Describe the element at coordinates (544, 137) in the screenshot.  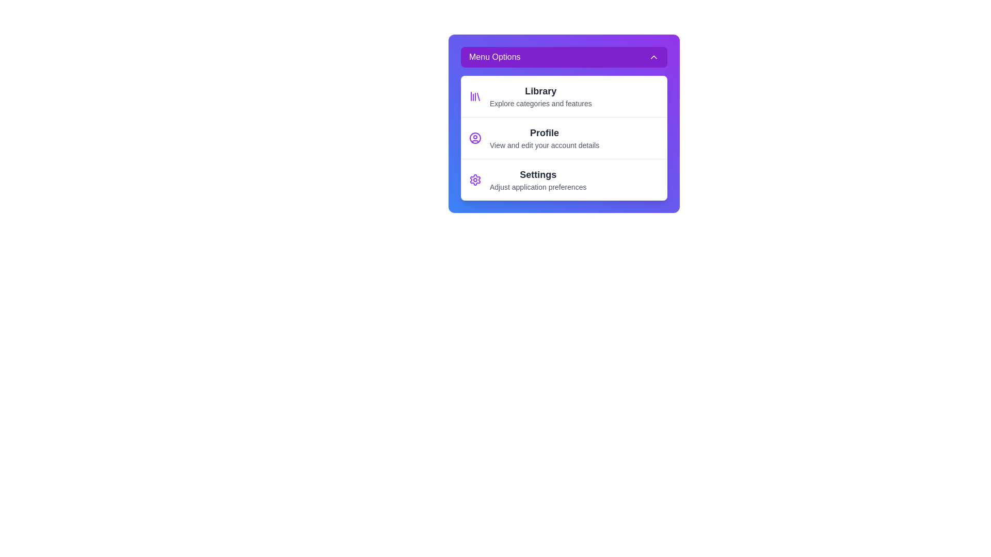
I see `the second textual navigation link in the 'Menu Options'` at that location.